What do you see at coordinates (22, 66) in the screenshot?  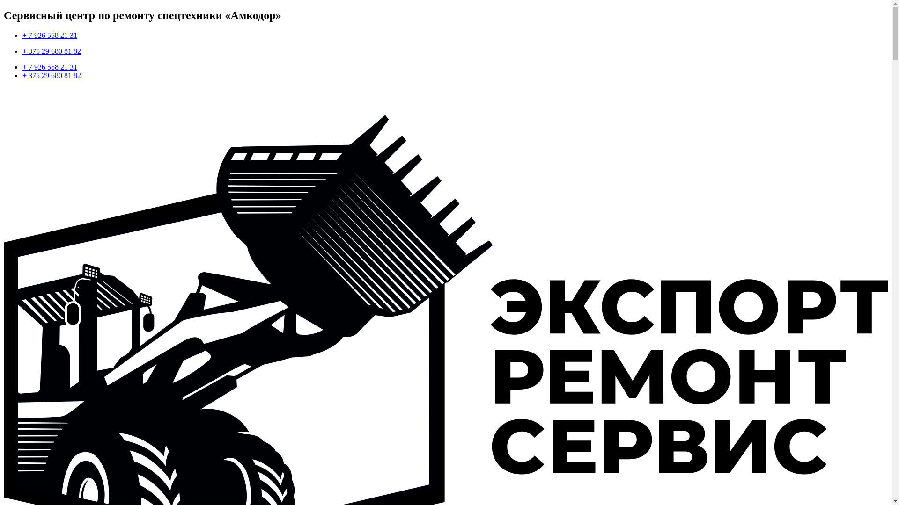 I see `'+ 7 926 558 21 31'` at bounding box center [22, 66].